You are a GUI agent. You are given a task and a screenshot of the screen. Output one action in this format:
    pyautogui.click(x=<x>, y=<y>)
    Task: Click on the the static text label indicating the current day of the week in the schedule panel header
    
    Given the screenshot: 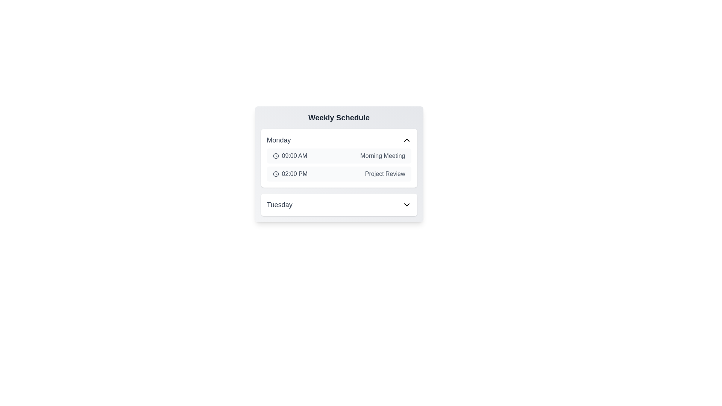 What is the action you would take?
    pyautogui.click(x=278, y=140)
    